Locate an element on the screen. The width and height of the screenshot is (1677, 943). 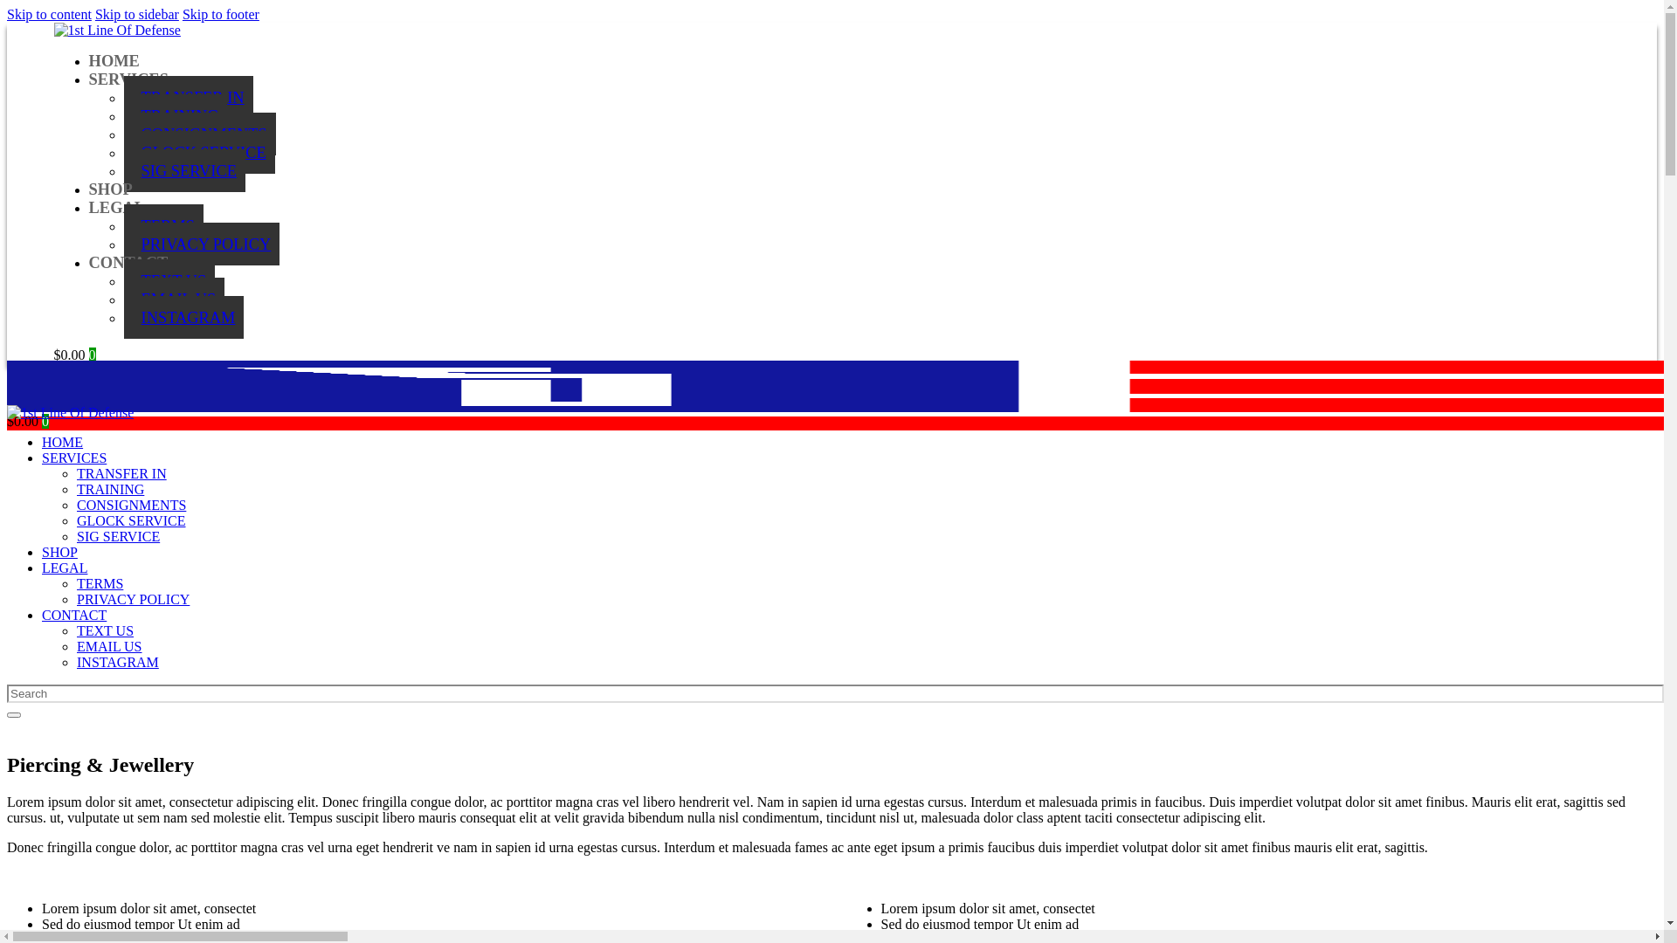
'SIG SERVICE' is located at coordinates (184, 170).